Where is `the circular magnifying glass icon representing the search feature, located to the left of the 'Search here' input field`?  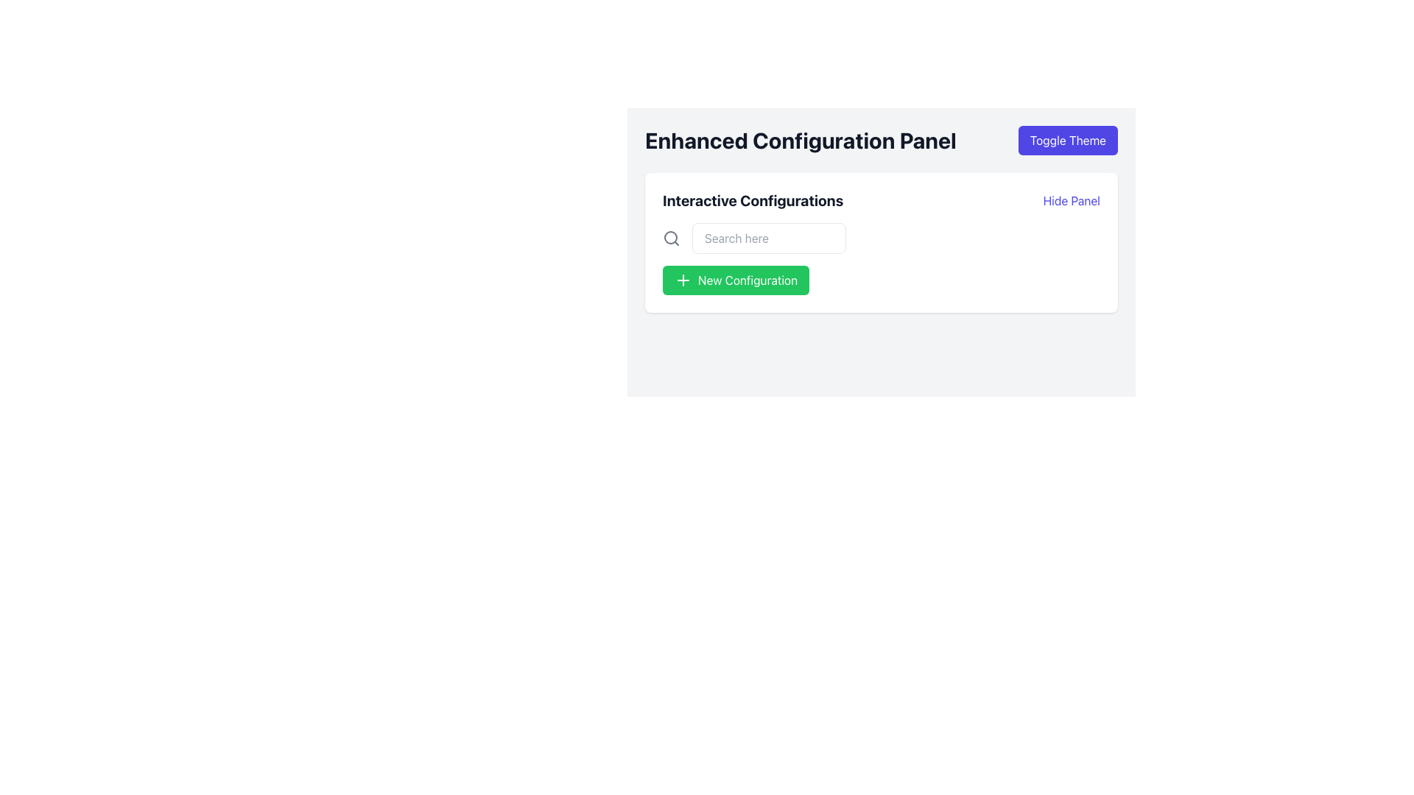
the circular magnifying glass icon representing the search feature, located to the left of the 'Search here' input field is located at coordinates (671, 238).